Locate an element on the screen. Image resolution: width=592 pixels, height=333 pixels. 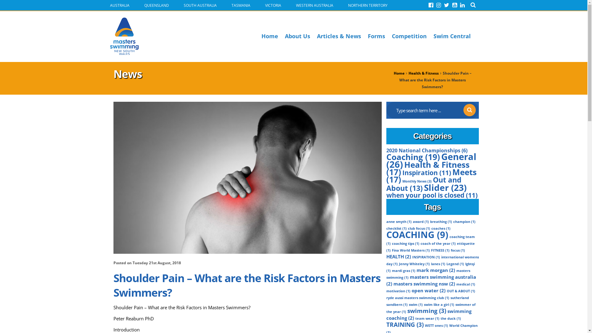
'award (1)' is located at coordinates (413, 221).